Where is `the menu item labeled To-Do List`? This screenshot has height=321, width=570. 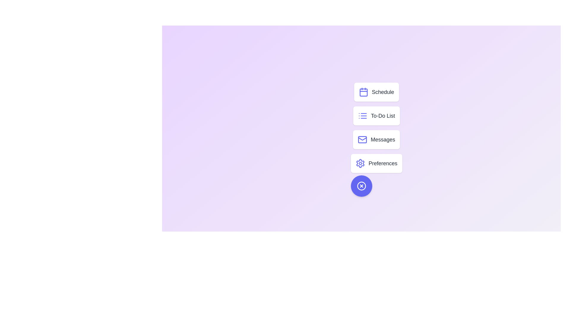
the menu item labeled To-Do List is located at coordinates (376, 116).